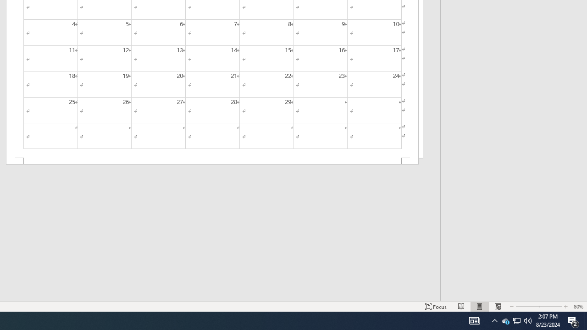  Describe the element at coordinates (436, 307) in the screenshot. I see `'Focus '` at that location.